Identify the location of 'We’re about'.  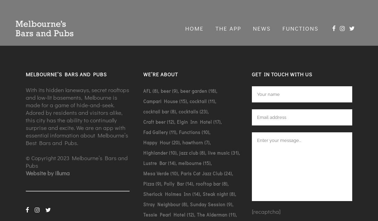
(143, 74).